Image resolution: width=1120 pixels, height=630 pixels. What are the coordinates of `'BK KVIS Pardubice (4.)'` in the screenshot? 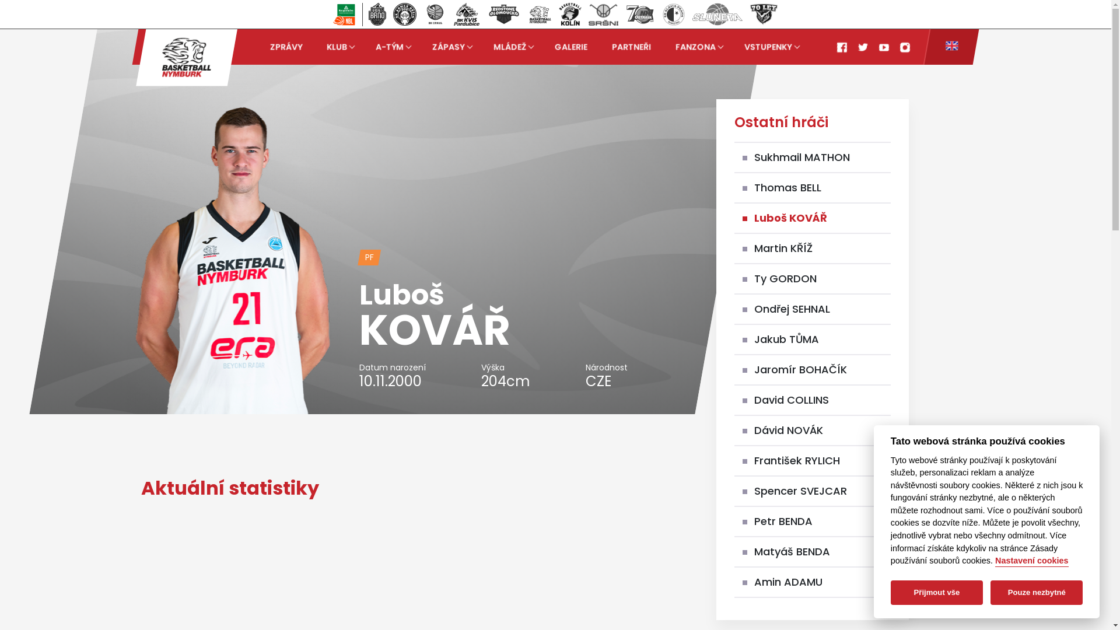 It's located at (467, 13).